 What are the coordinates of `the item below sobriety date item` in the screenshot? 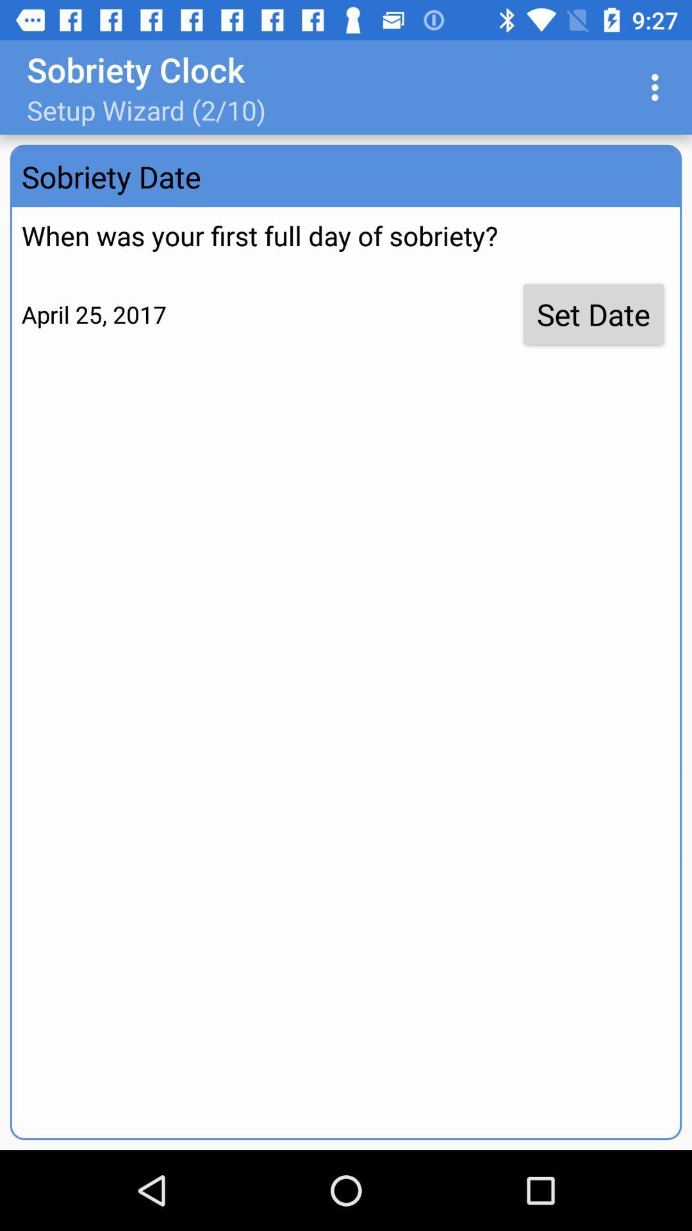 It's located at (593, 314).